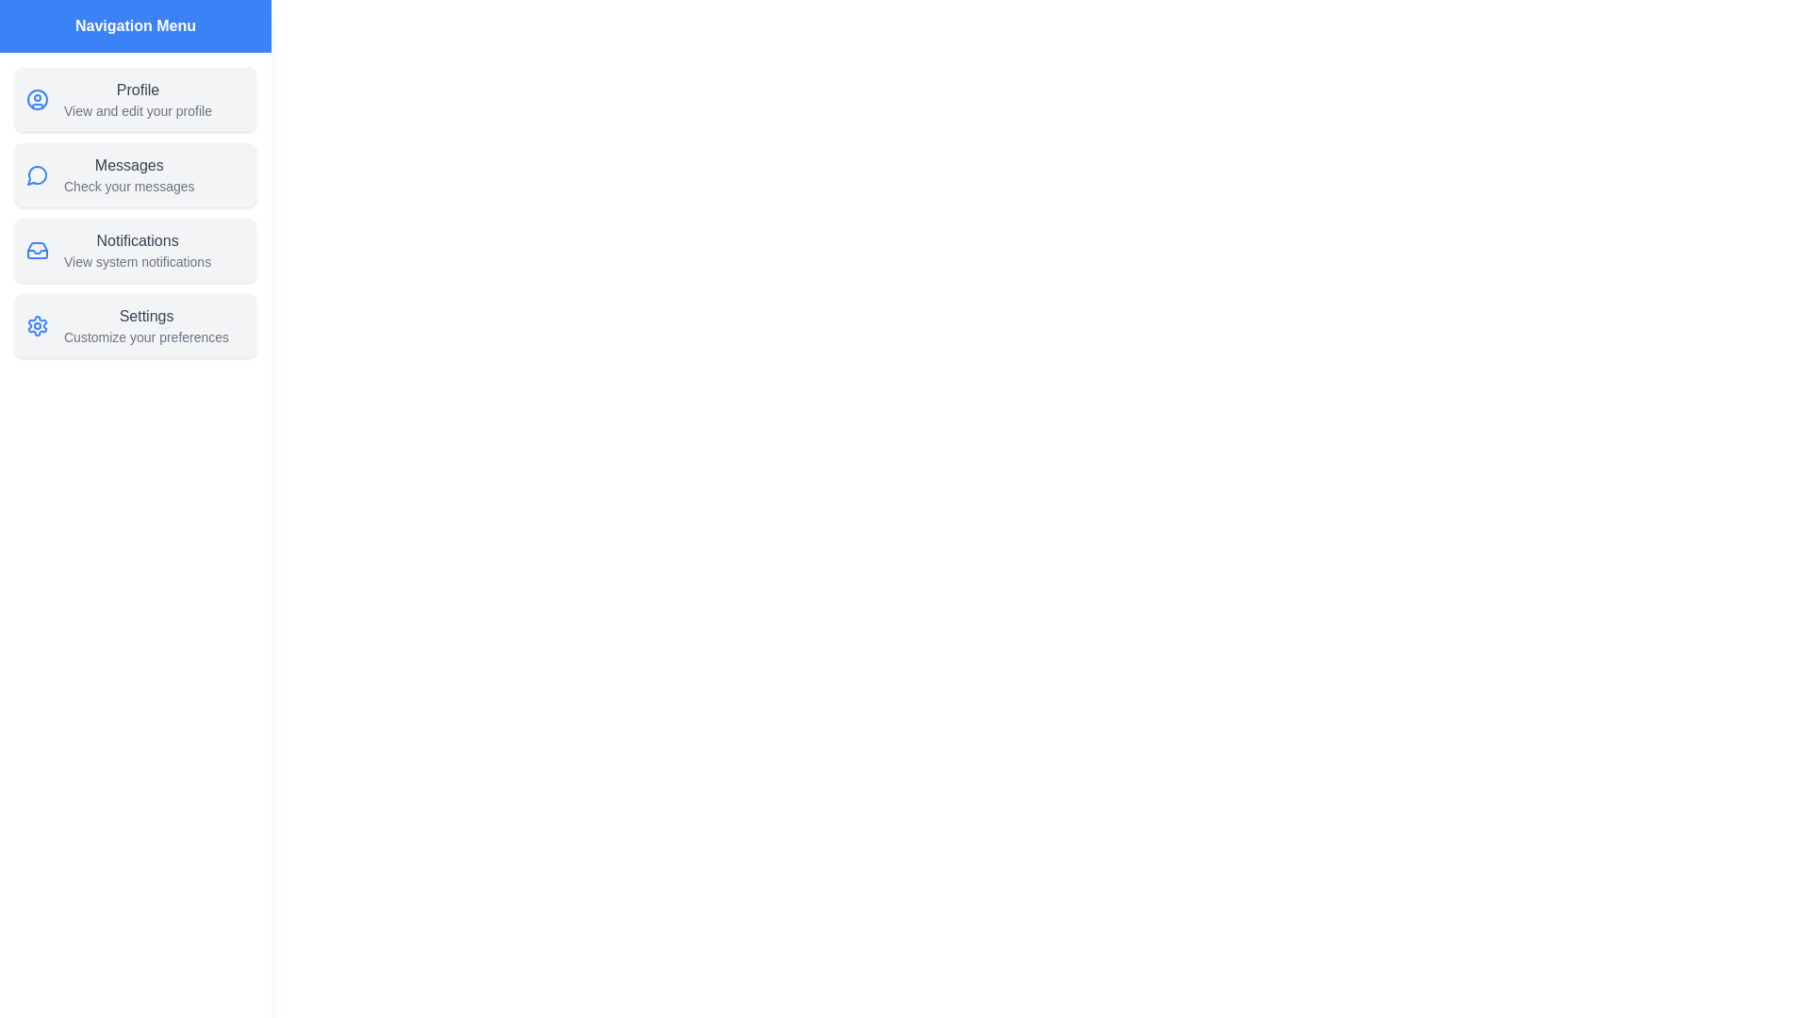 The width and height of the screenshot is (1810, 1018). What do you see at coordinates (135, 325) in the screenshot?
I see `the menu item corresponding to Settings` at bounding box center [135, 325].